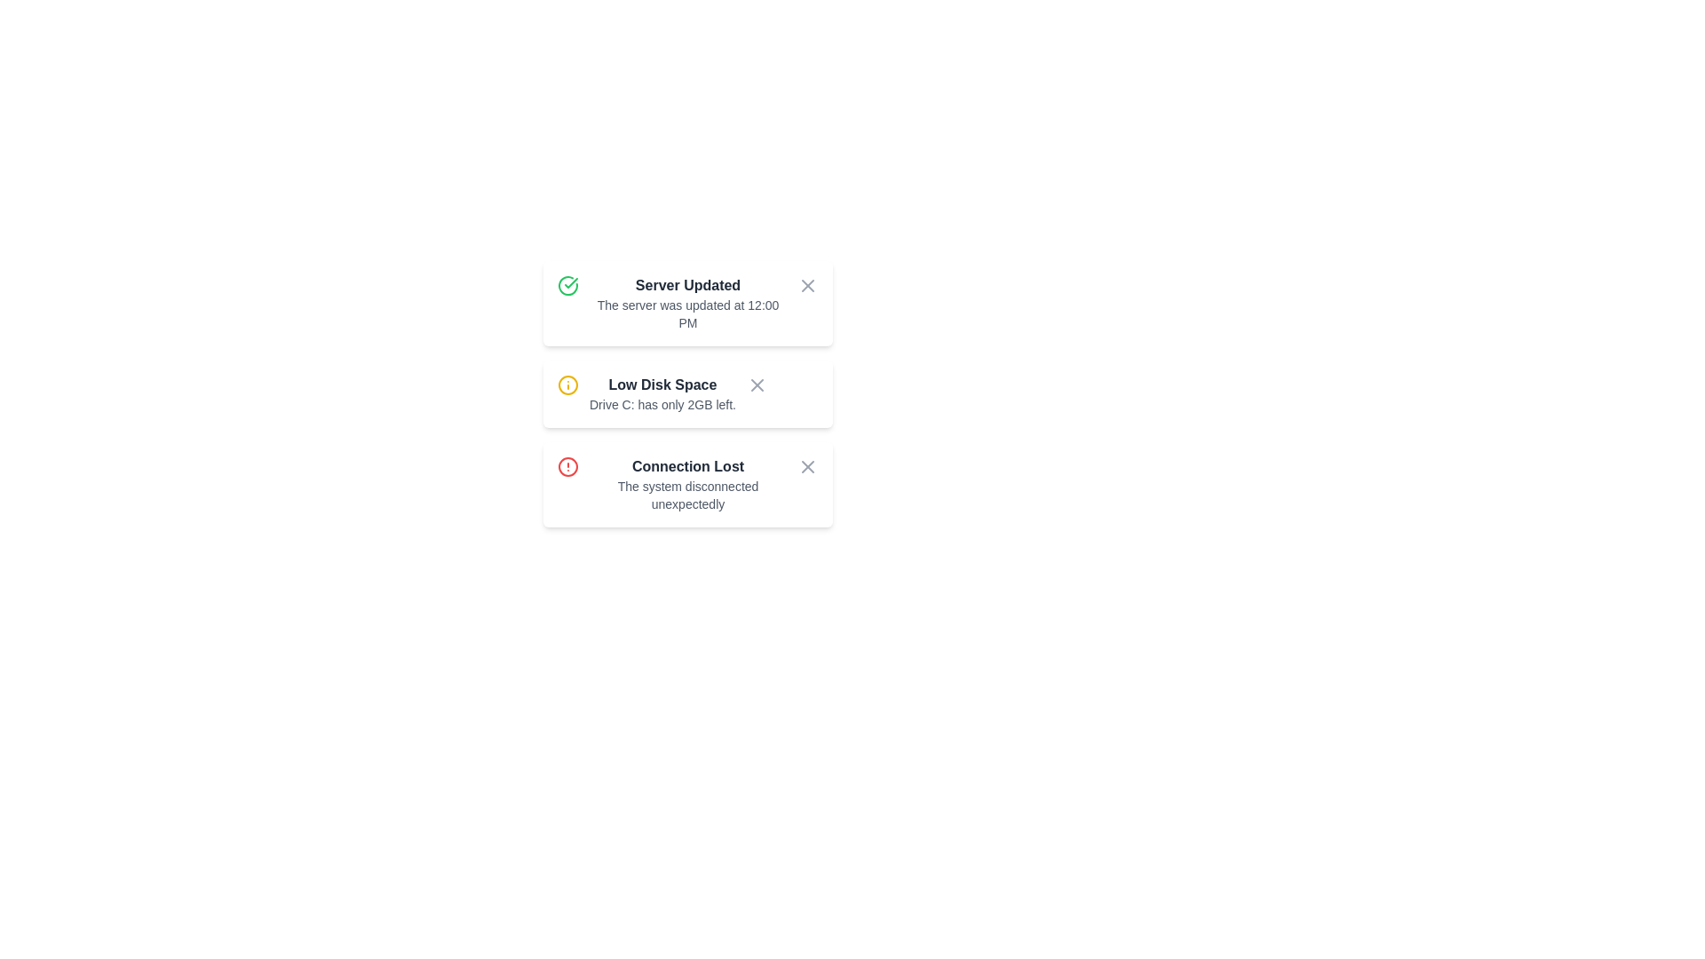 The width and height of the screenshot is (1705, 959). What do you see at coordinates (567, 284) in the screenshot?
I see `the success indicator icon located to the left of the 'Server Updated' notification title` at bounding box center [567, 284].